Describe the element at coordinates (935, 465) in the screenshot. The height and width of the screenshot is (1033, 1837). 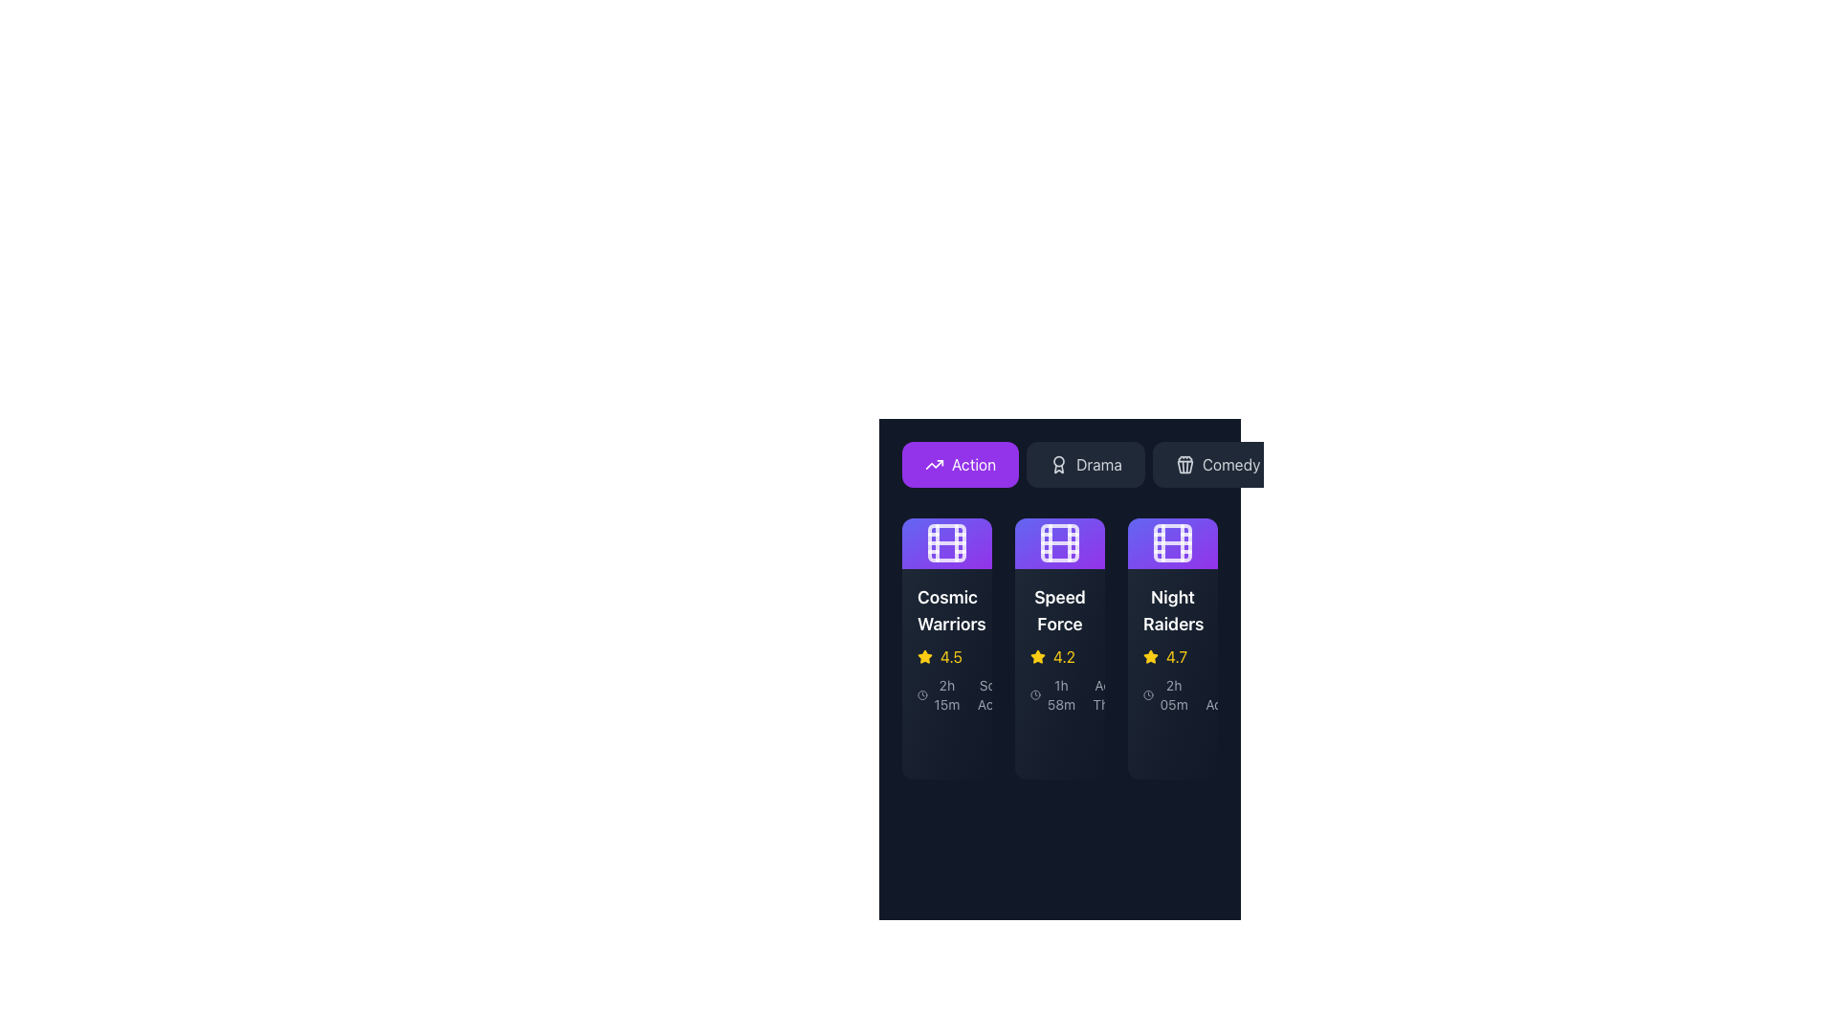
I see `the dynamic icon located at the top-left section of the 'Action' button to gather information regarding trending content` at that location.